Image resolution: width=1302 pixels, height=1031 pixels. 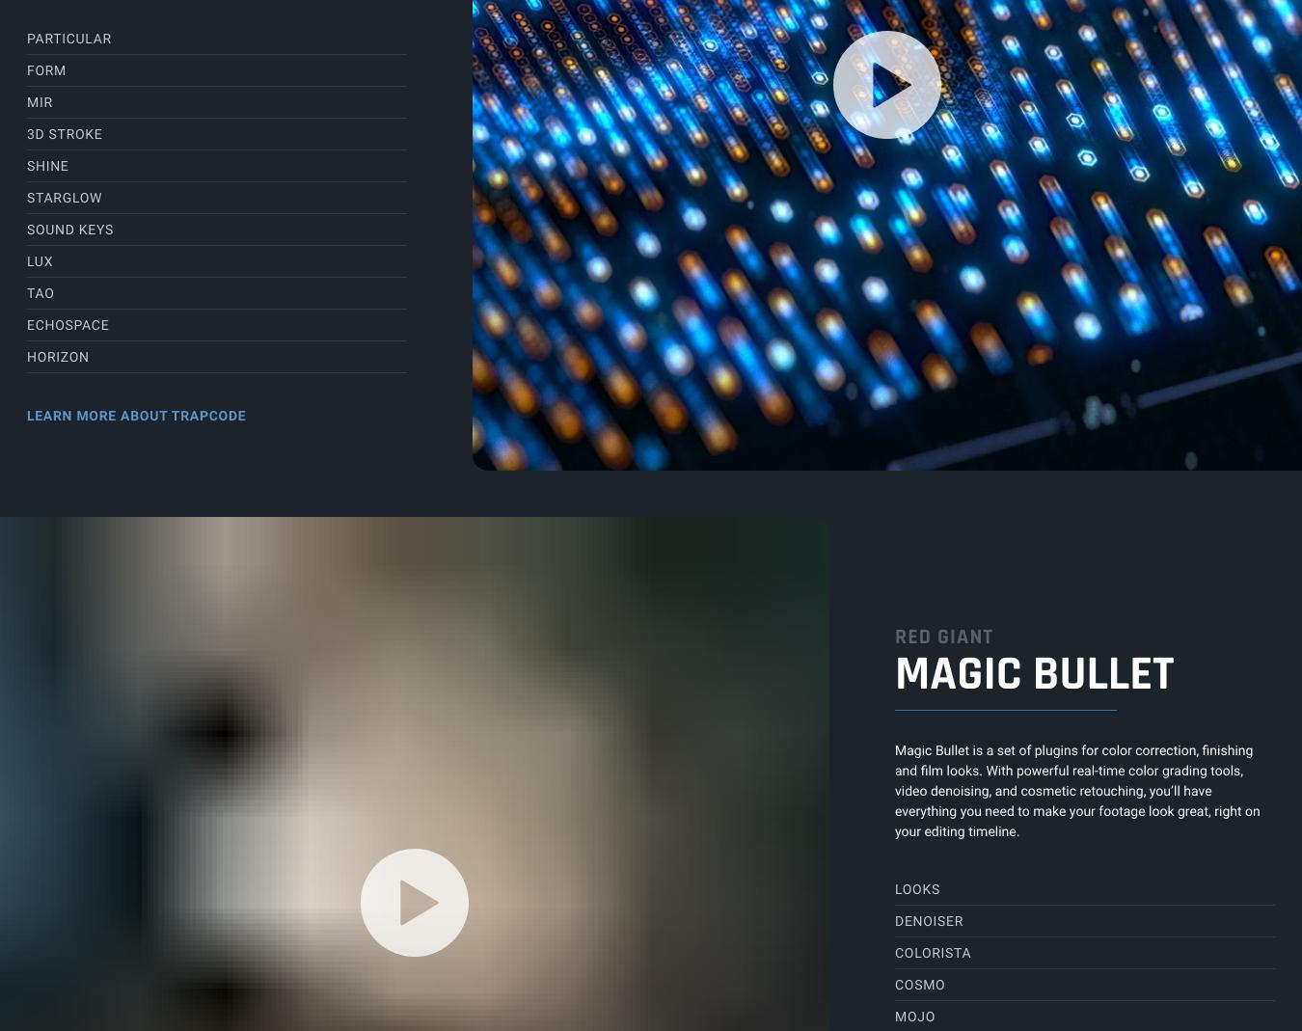 I want to click on 'Cosmo', so click(x=893, y=985).